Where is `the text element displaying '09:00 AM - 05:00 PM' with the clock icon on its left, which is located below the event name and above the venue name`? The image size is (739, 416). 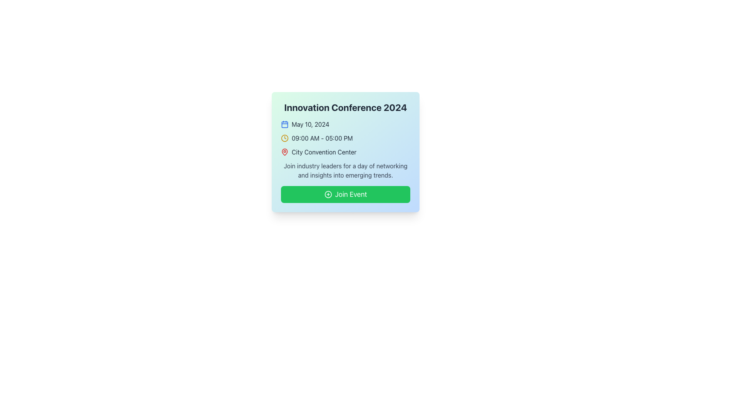 the text element displaying '09:00 AM - 05:00 PM' with the clock icon on its left, which is located below the event name and above the venue name is located at coordinates (345, 138).